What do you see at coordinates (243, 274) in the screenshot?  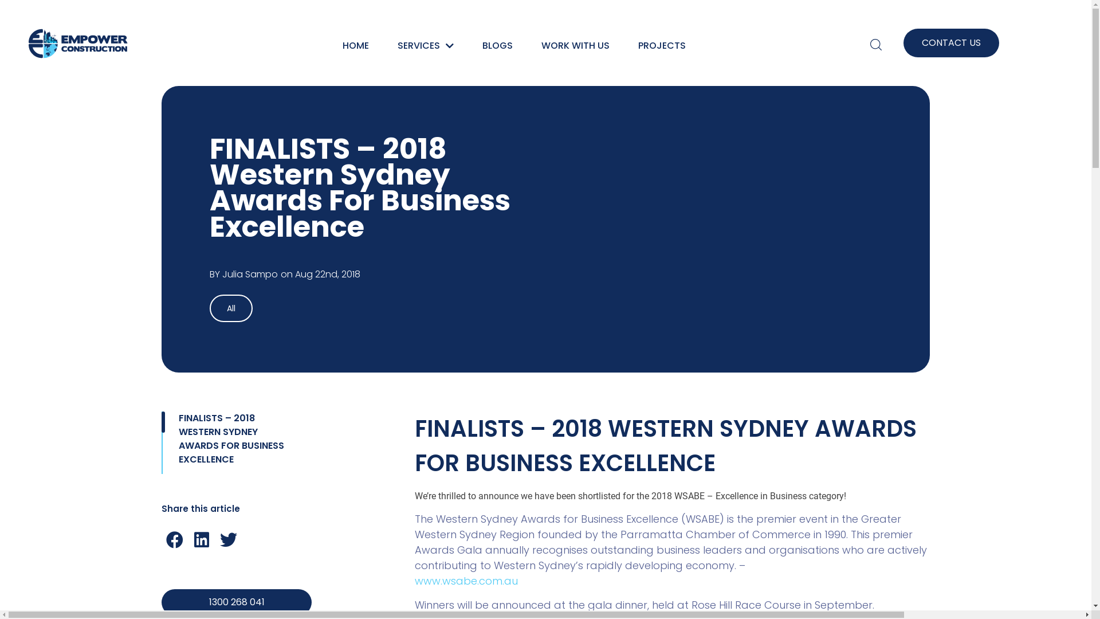 I see `'BY Julia Sampo'` at bounding box center [243, 274].